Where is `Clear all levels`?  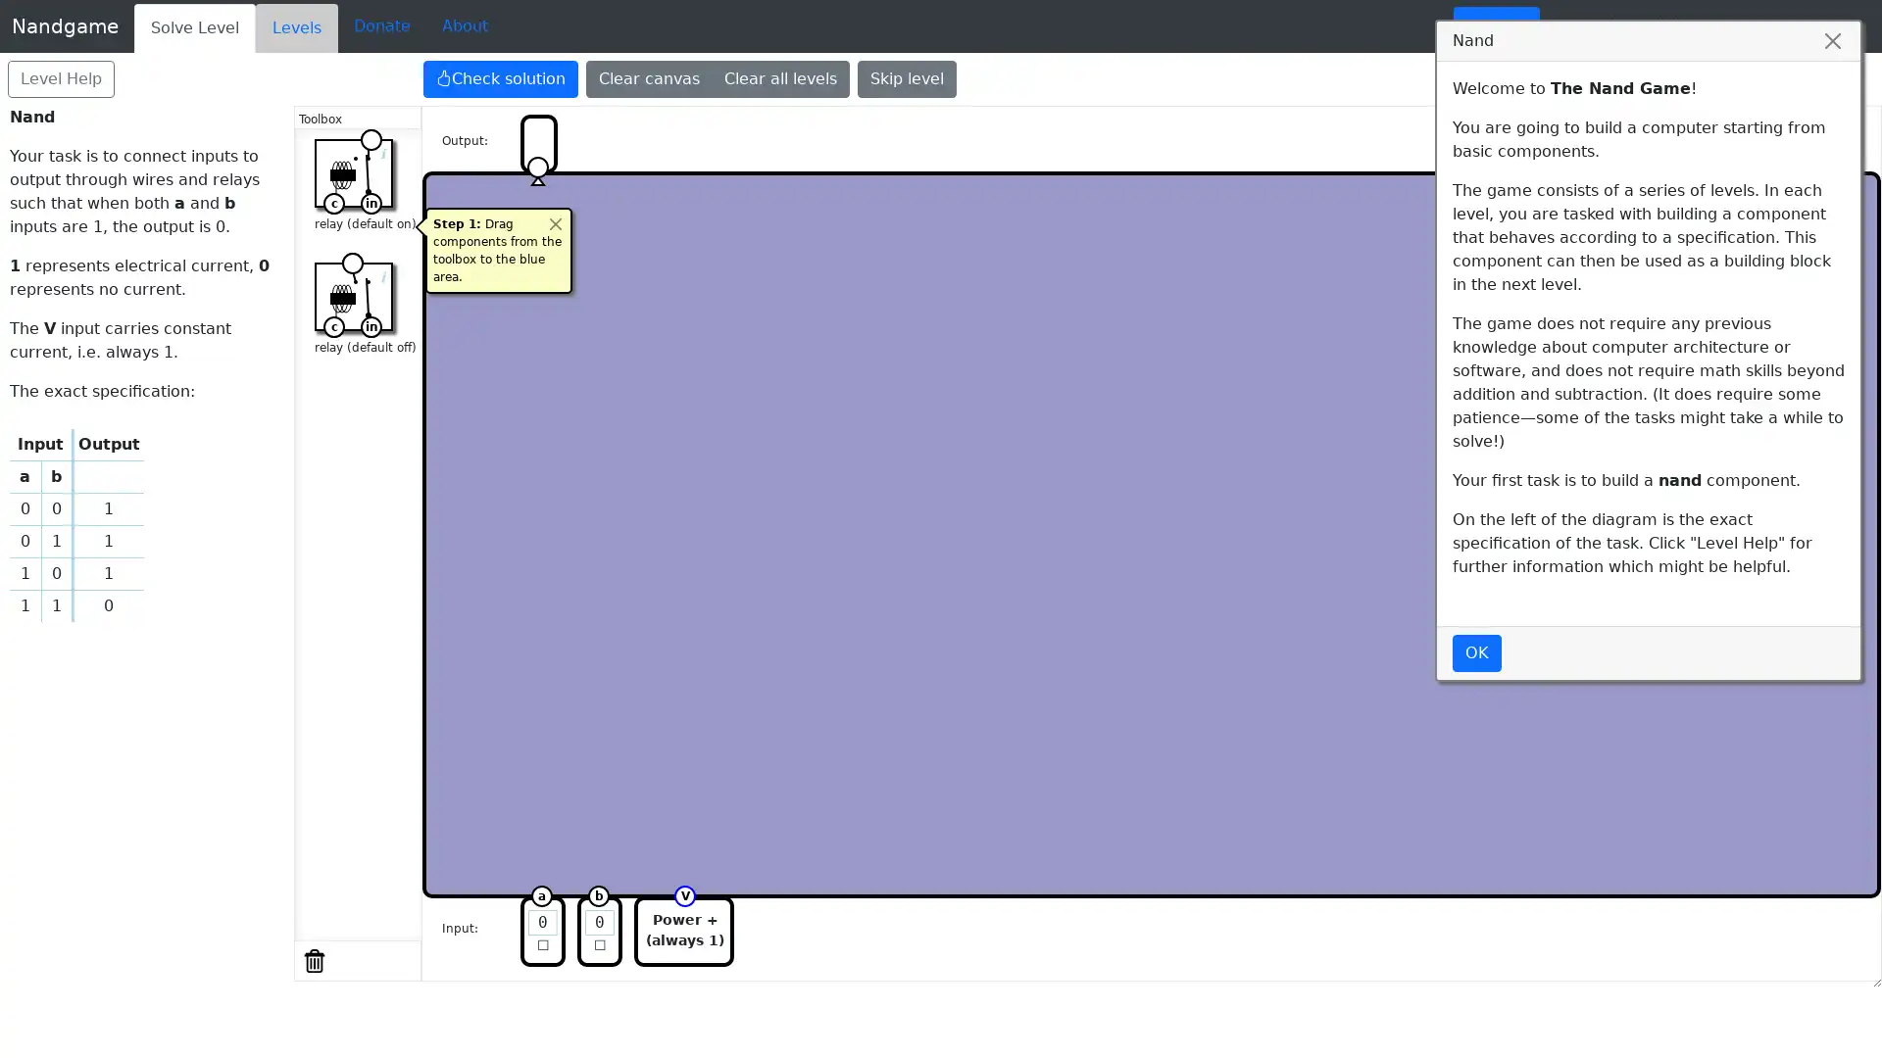 Clear all levels is located at coordinates (779, 78).